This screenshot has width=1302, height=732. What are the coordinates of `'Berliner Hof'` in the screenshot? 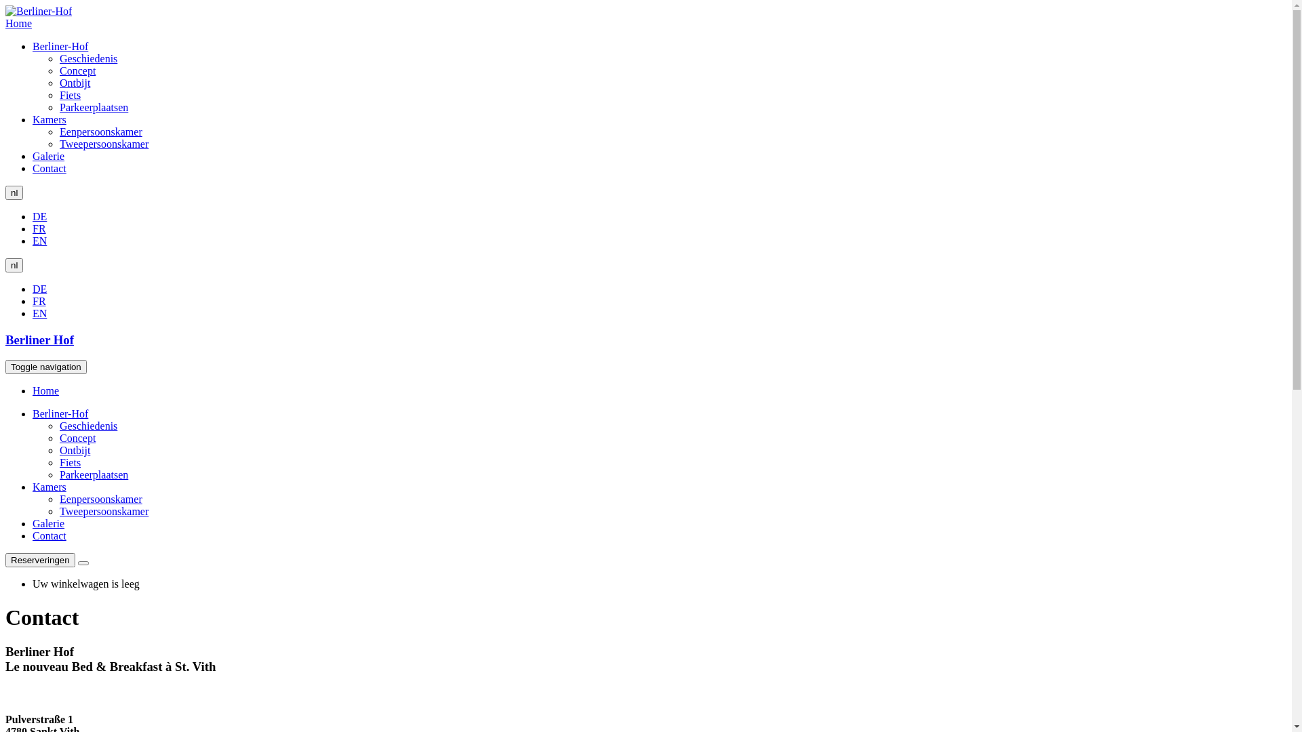 It's located at (5, 339).